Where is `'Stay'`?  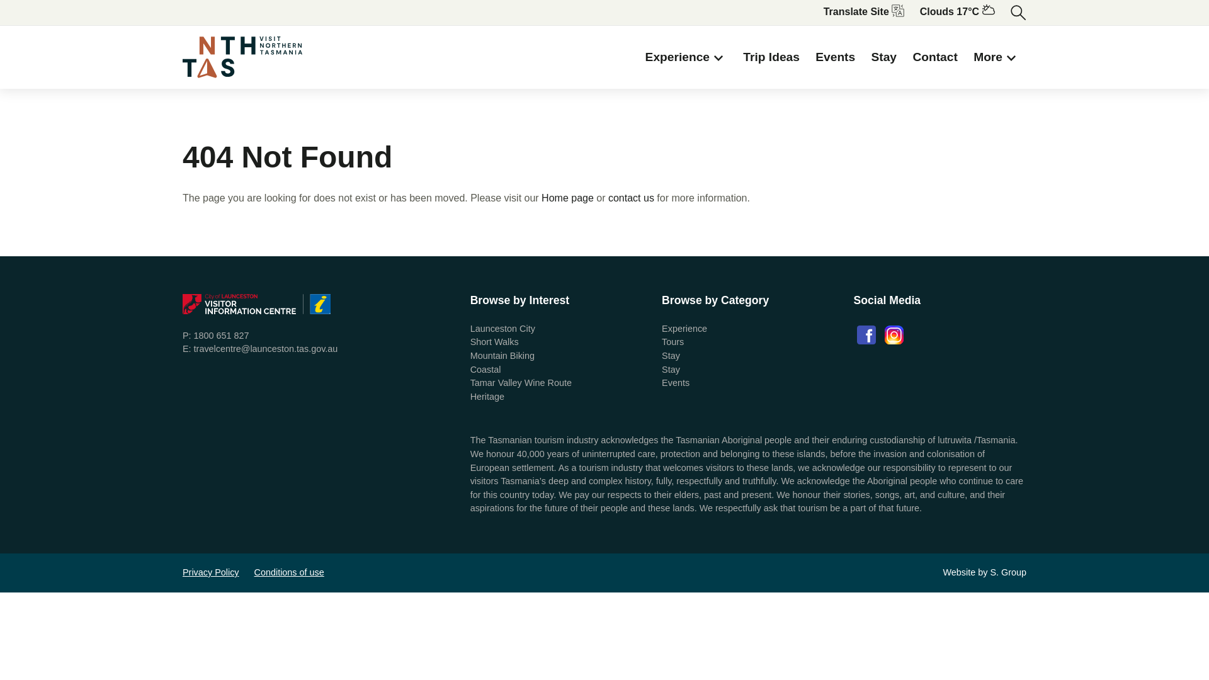
'Stay' is located at coordinates (670, 368).